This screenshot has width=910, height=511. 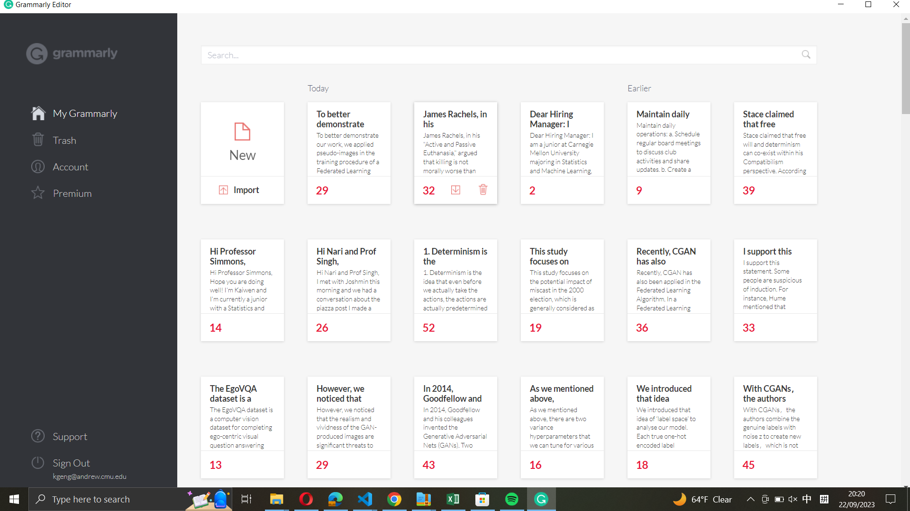 What do you see at coordinates (775, 413) in the screenshot?
I see `and open the "With CGANs, the authors" document` at bounding box center [775, 413].